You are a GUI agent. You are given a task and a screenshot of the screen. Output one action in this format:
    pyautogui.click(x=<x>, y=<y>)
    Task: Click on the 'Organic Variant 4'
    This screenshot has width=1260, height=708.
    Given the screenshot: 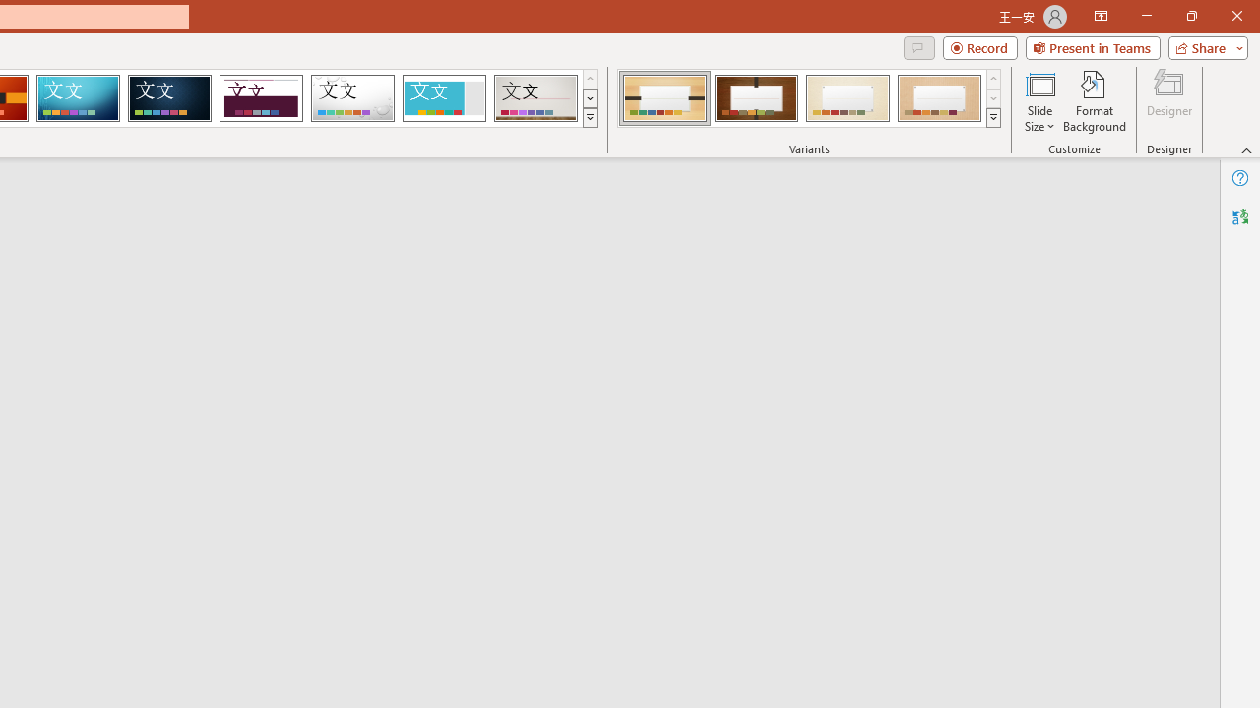 What is the action you would take?
    pyautogui.click(x=938, y=98)
    